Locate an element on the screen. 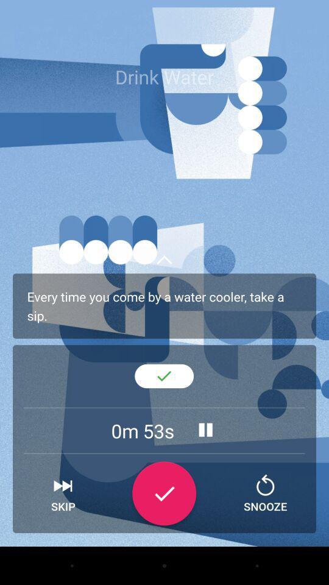 The height and width of the screenshot is (585, 329). pause button is located at coordinates (205, 430).